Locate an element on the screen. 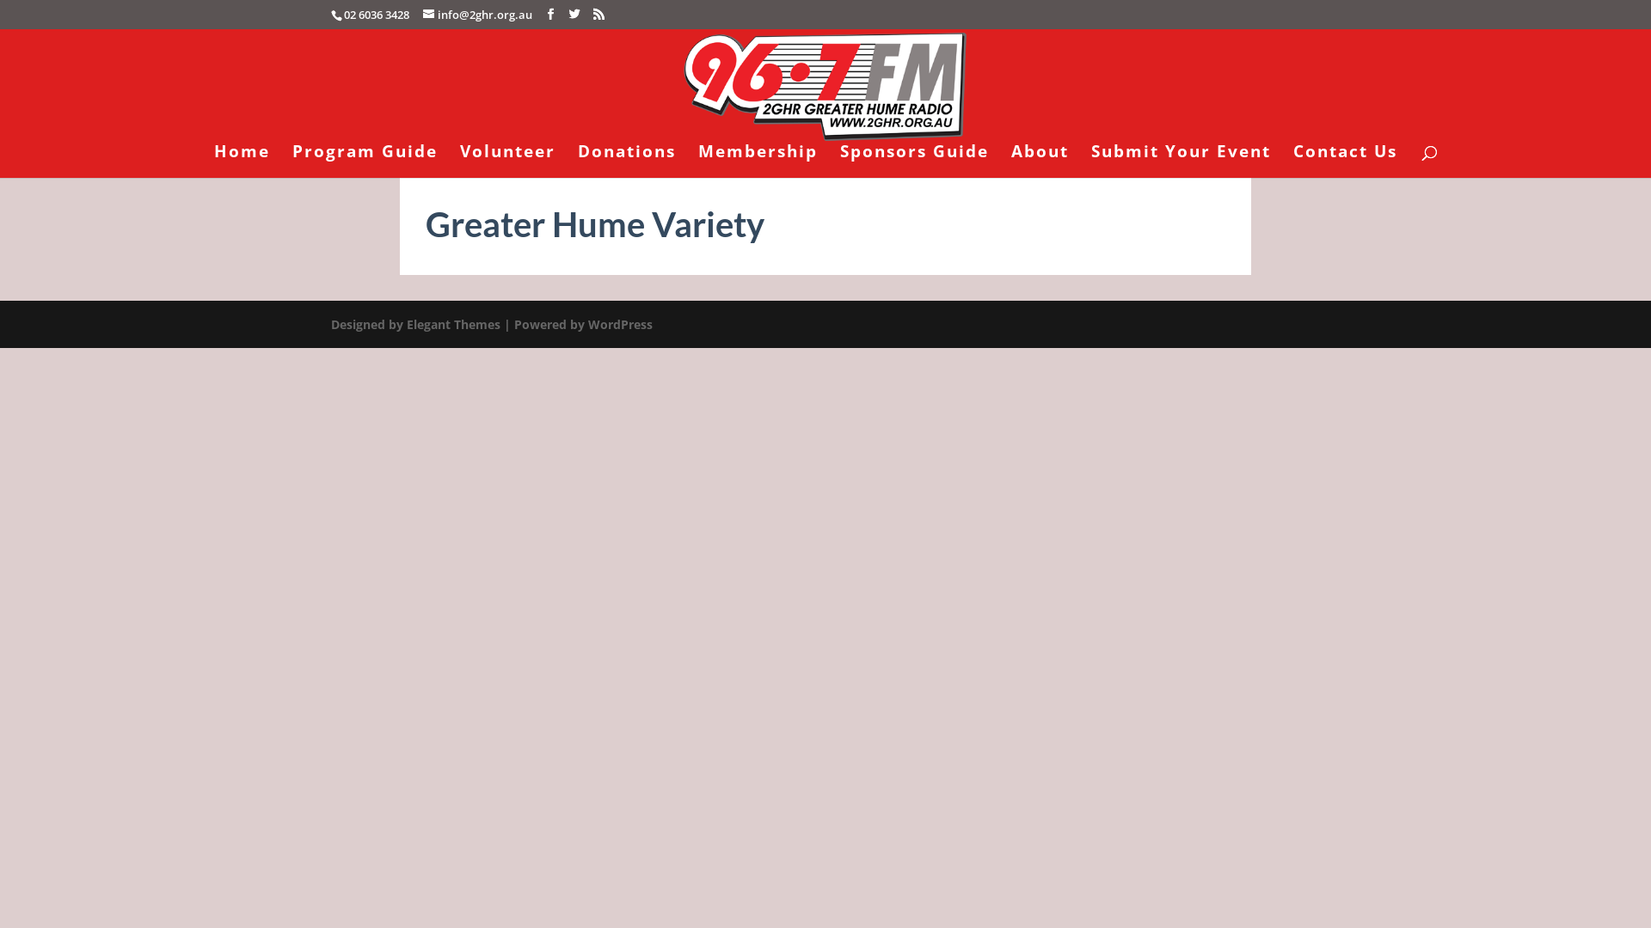 Image resolution: width=1651 pixels, height=928 pixels. 'WordPress' is located at coordinates (619, 324).